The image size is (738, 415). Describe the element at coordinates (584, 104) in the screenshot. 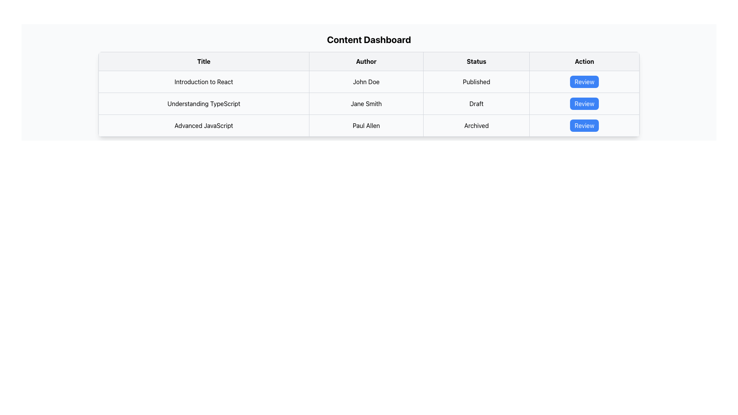

I see `the second button in the 'Action' column of the table corresponding to the 'Understanding TypeScript' row` at that location.